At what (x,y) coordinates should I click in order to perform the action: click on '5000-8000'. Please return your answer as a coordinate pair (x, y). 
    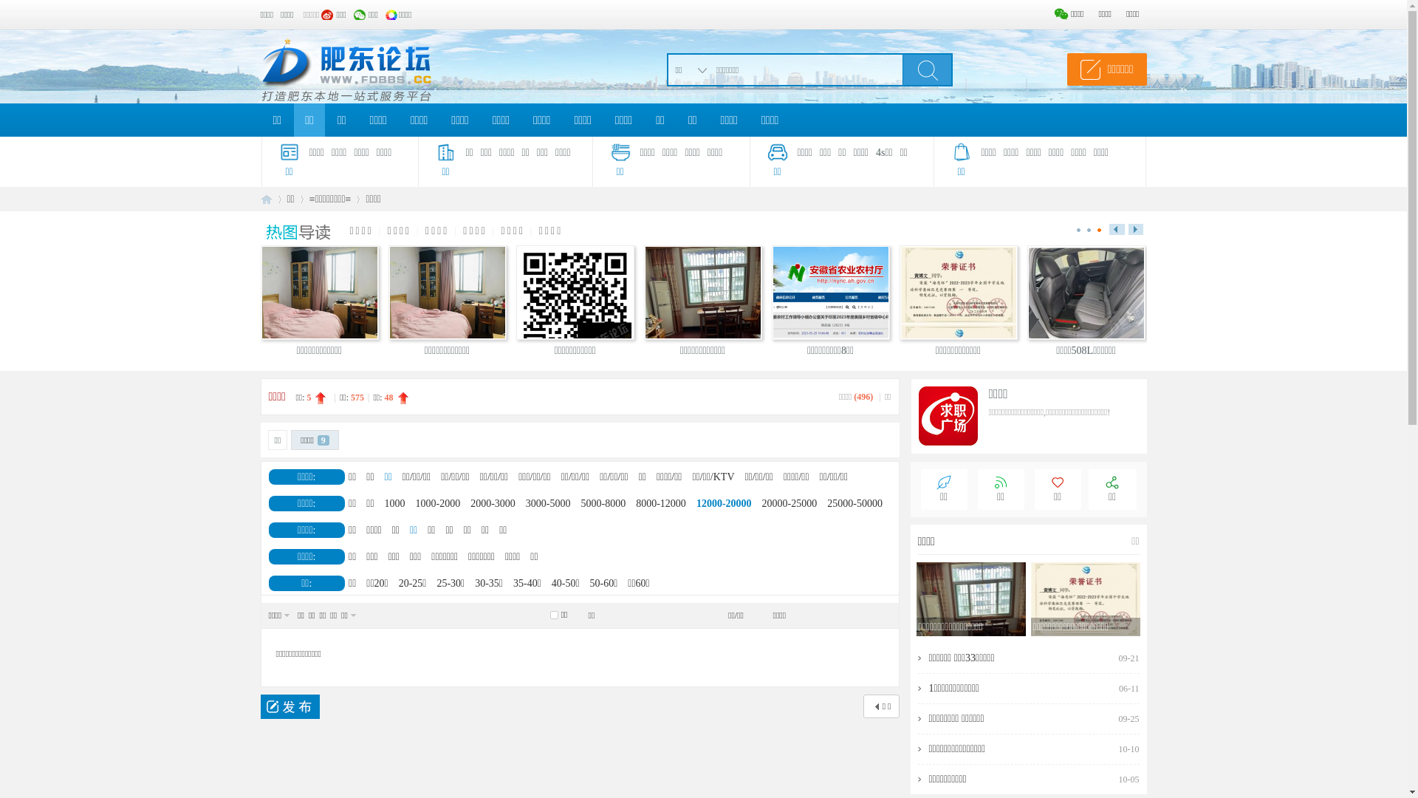
    Looking at the image, I should click on (603, 502).